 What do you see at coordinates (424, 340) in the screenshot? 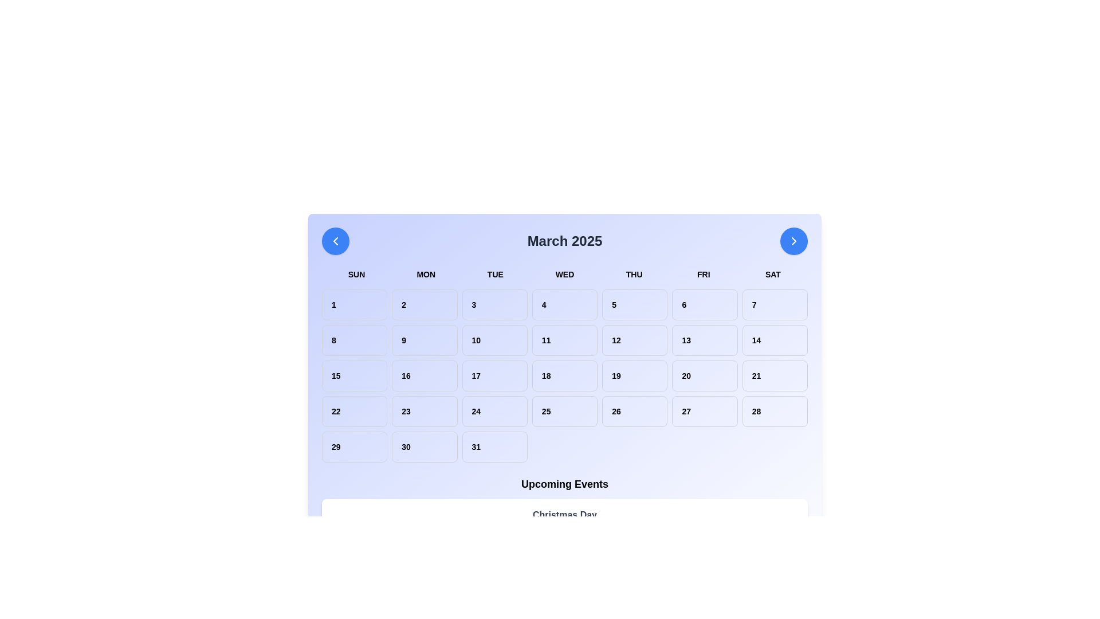
I see `the button displaying the number '9', which is a rounded rectangular button located` at bounding box center [424, 340].